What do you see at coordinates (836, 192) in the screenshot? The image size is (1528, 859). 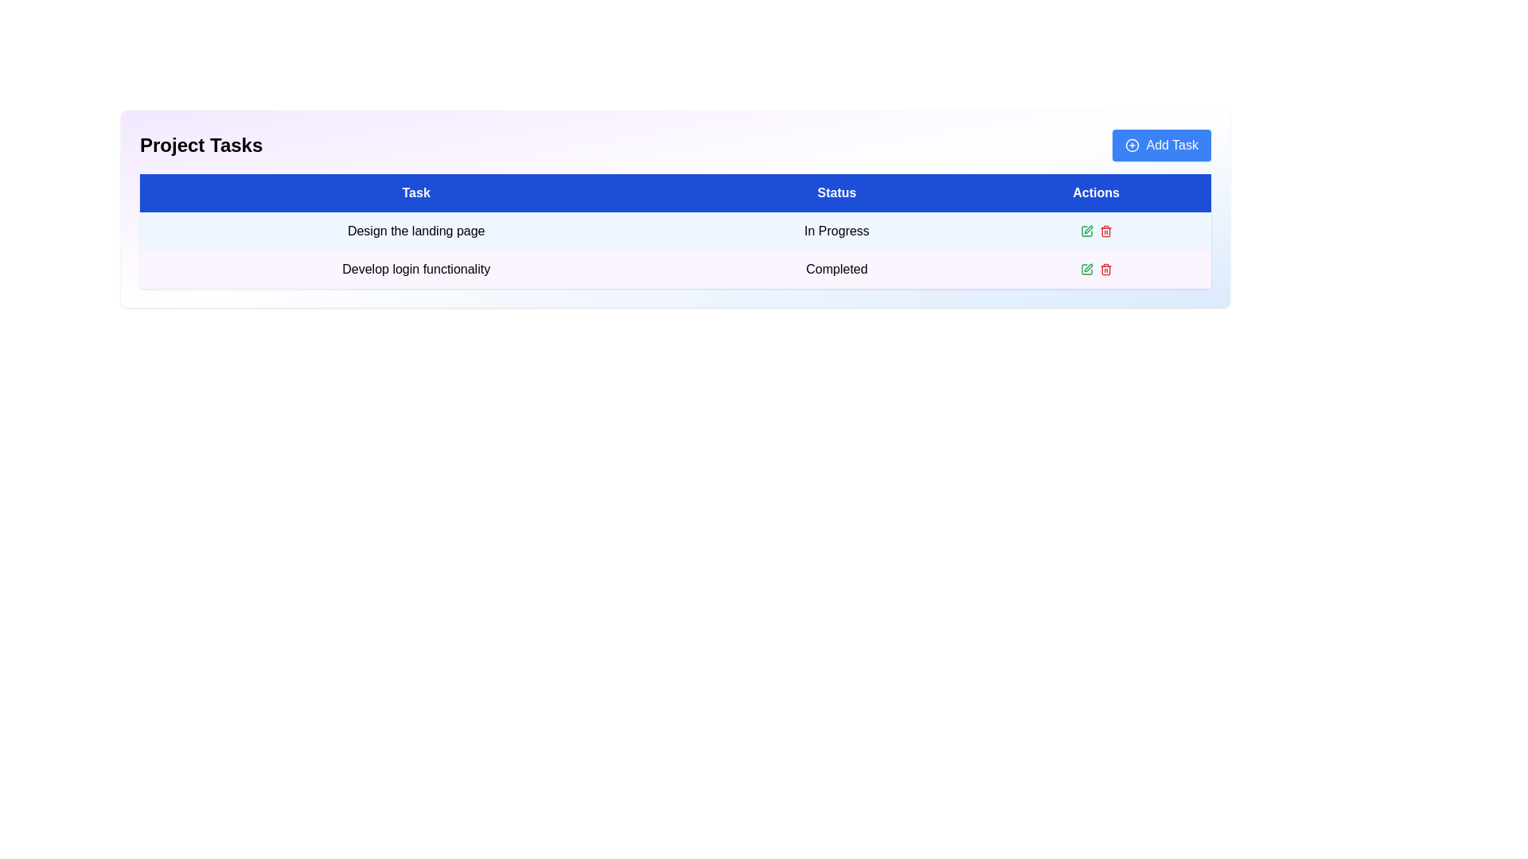 I see `the Table column header labeled 'Status'` at bounding box center [836, 192].